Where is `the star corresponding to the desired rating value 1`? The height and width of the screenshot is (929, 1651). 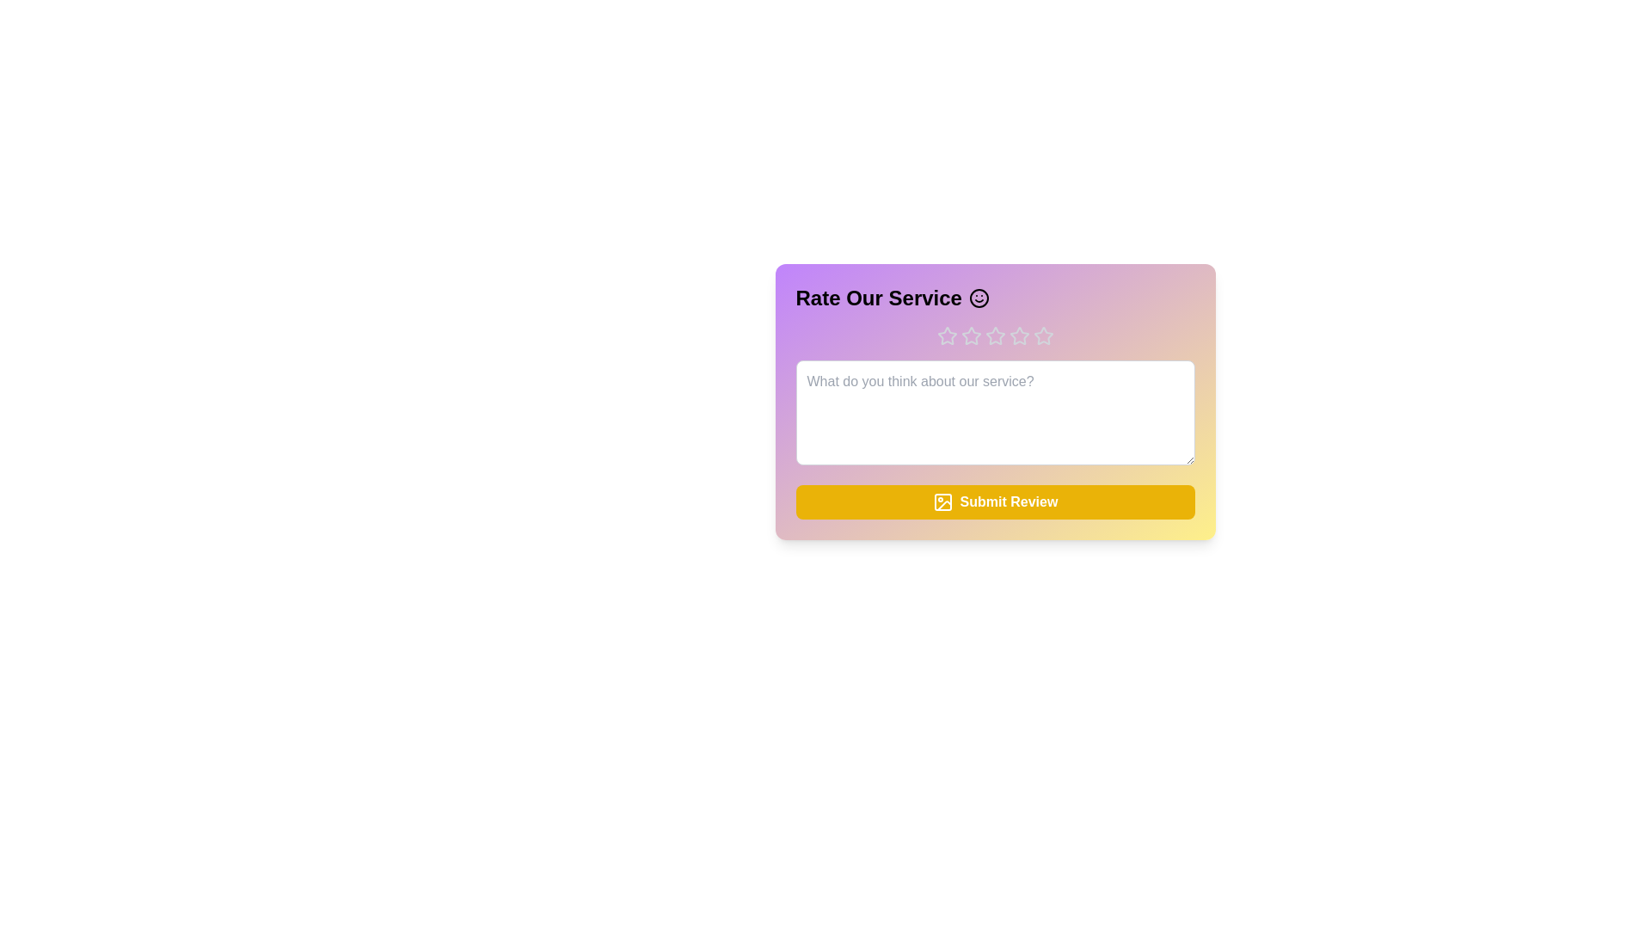
the star corresponding to the desired rating value 1 is located at coordinates (946, 335).